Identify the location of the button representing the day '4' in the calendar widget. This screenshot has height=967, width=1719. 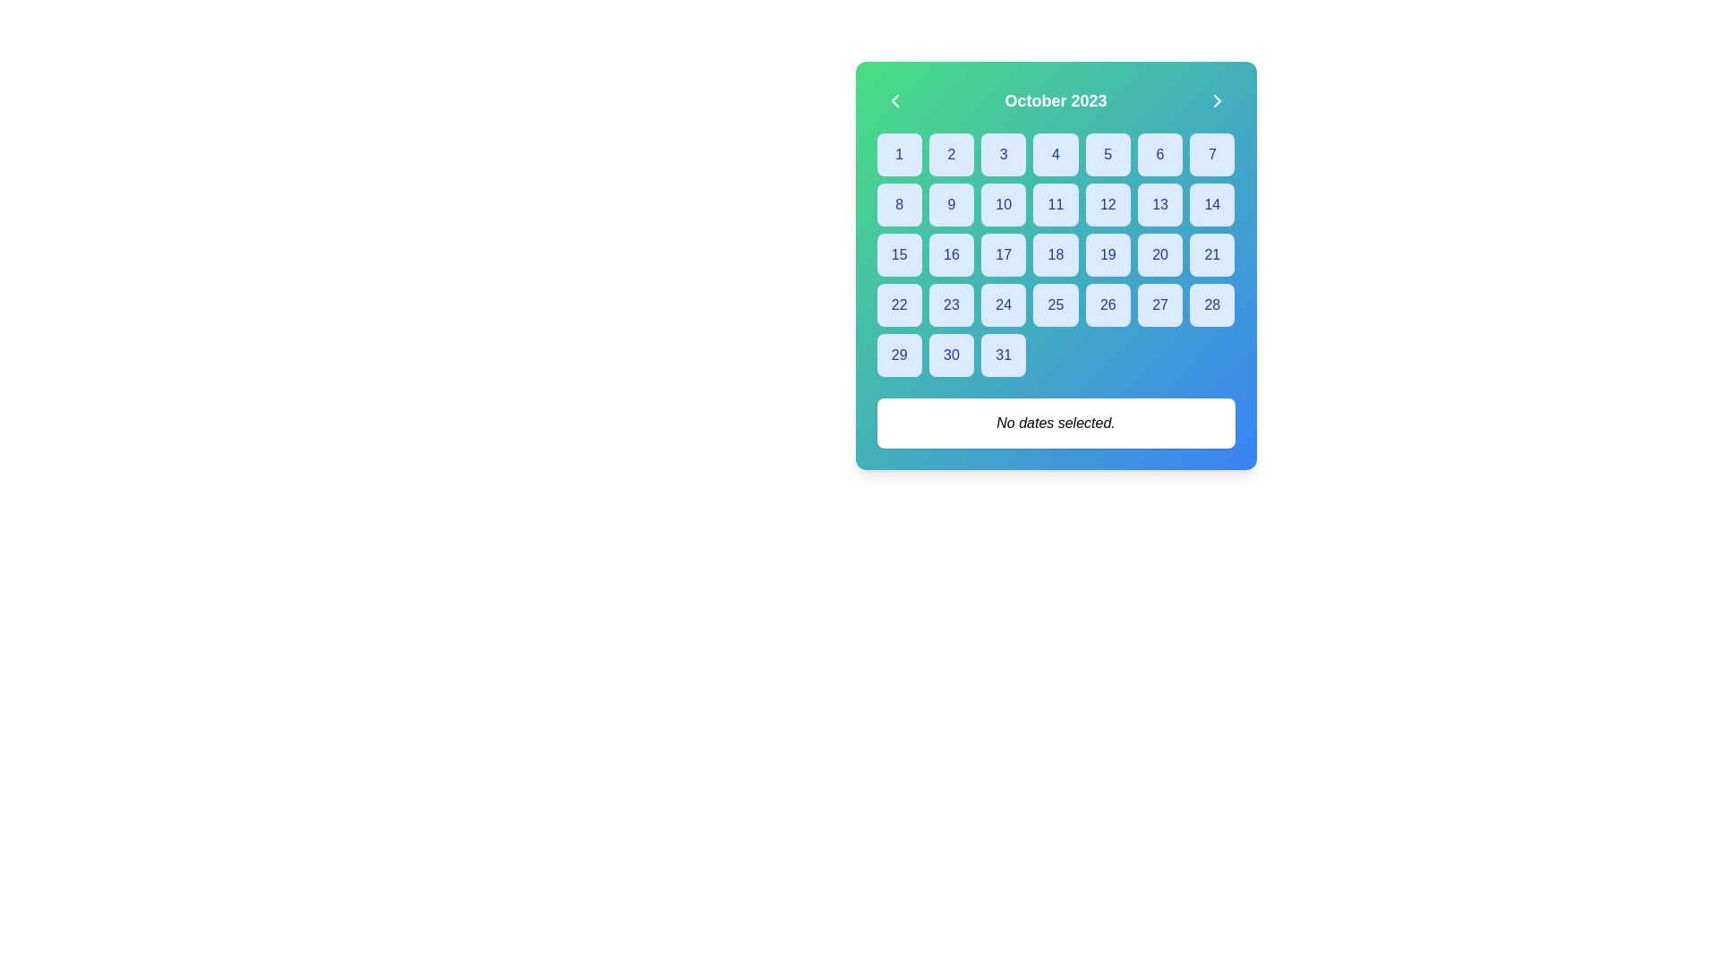
(1056, 154).